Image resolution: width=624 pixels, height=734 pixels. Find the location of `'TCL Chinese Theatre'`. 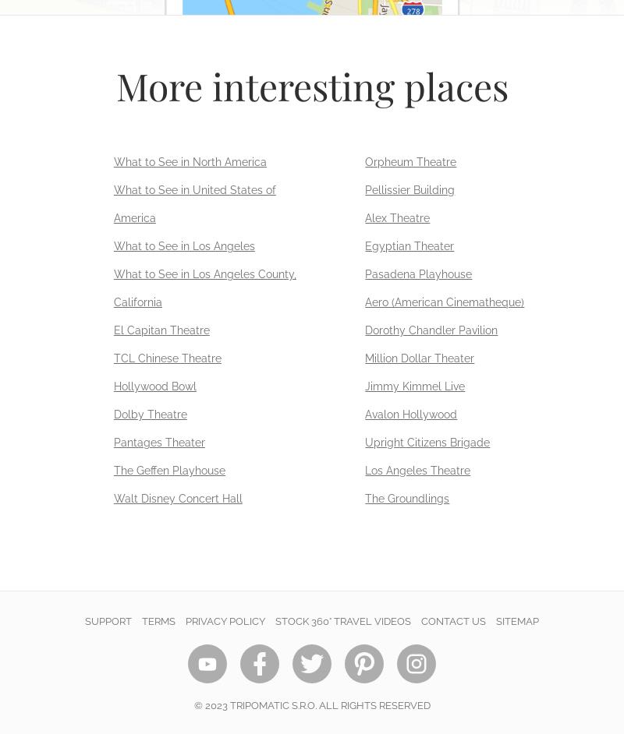

'TCL Chinese Theatre' is located at coordinates (167, 357).